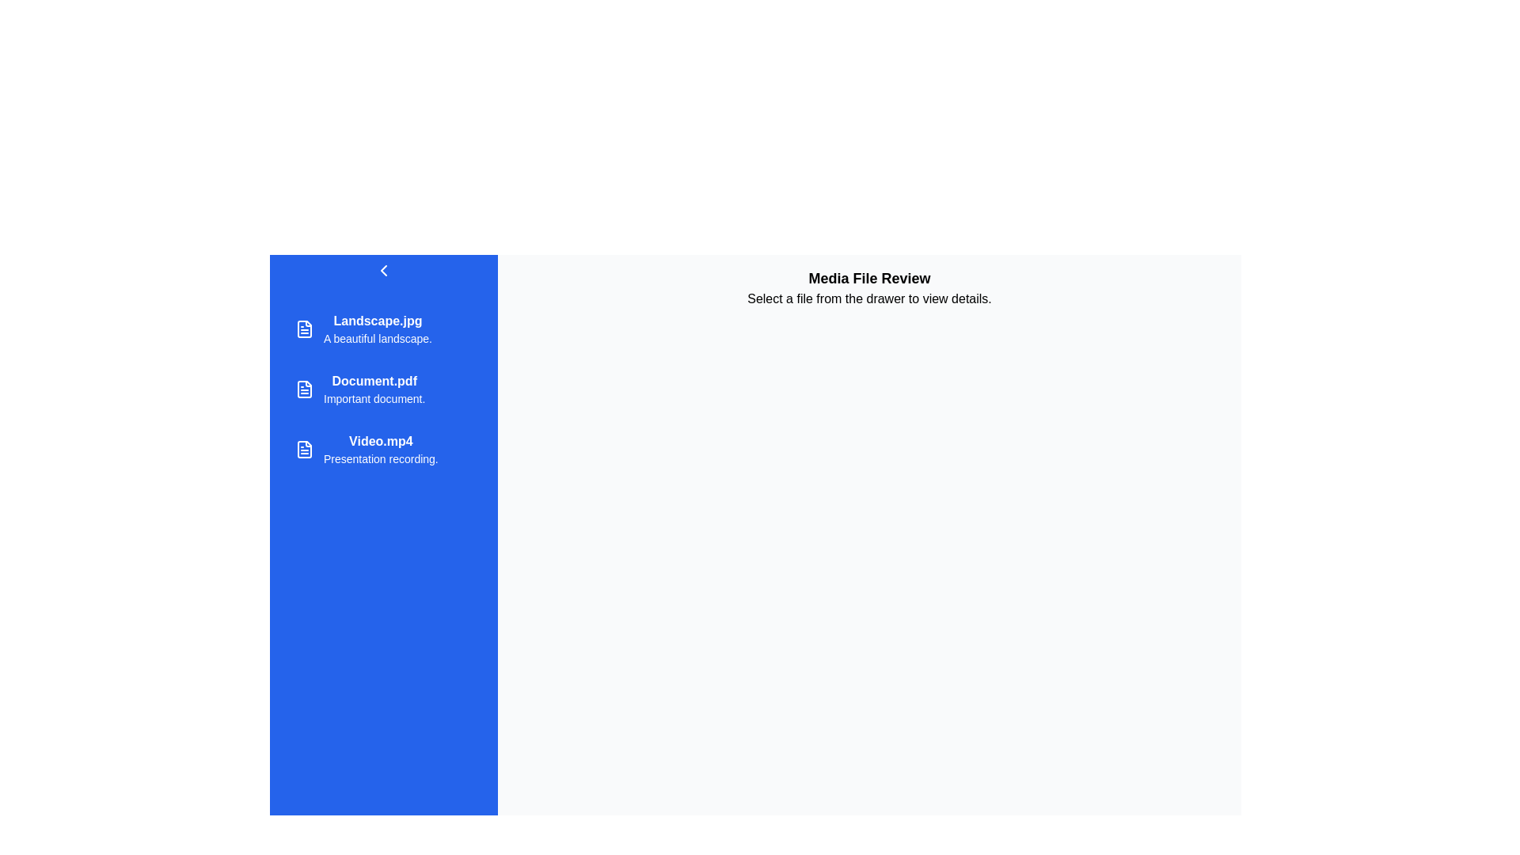 The height and width of the screenshot is (855, 1520). I want to click on the leftward-pointing chevron icon button located at the top left corner of the sidebar, so click(383, 270).